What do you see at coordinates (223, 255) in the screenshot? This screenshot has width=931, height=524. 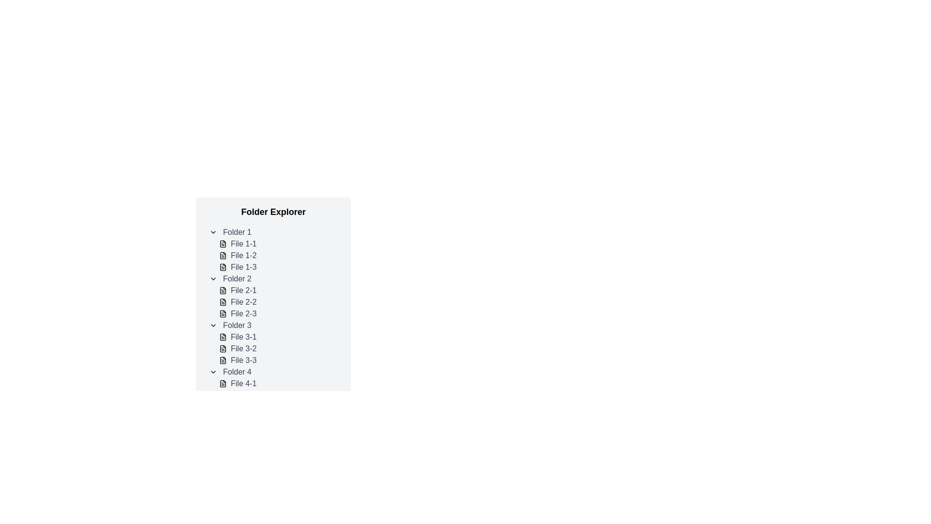 I see `the small file icon with a folded corner, located next to the text 'File 1-2' under 'Folder 1'` at bounding box center [223, 255].